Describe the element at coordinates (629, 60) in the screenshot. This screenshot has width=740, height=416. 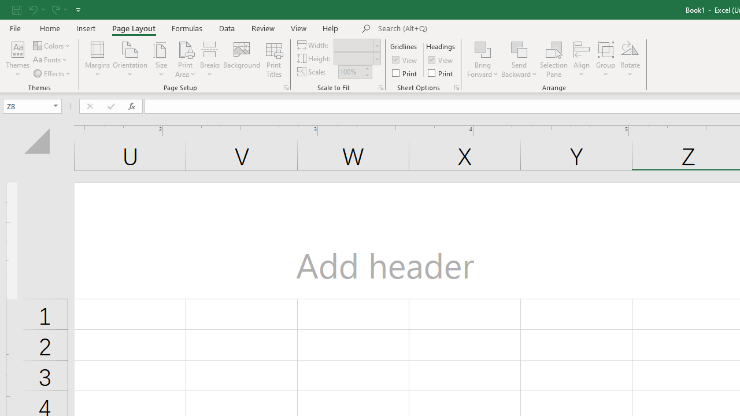
I see `'Rotate'` at that location.